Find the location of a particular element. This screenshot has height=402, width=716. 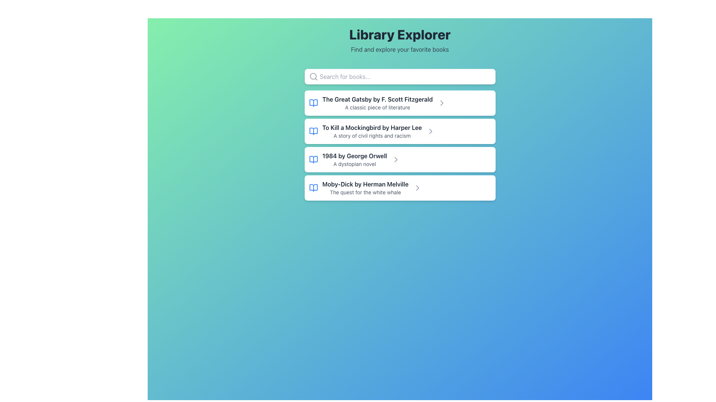

the book icon representing '1984 by George Orwell', which is the leftmost graphical element of the list item is located at coordinates (313, 159).